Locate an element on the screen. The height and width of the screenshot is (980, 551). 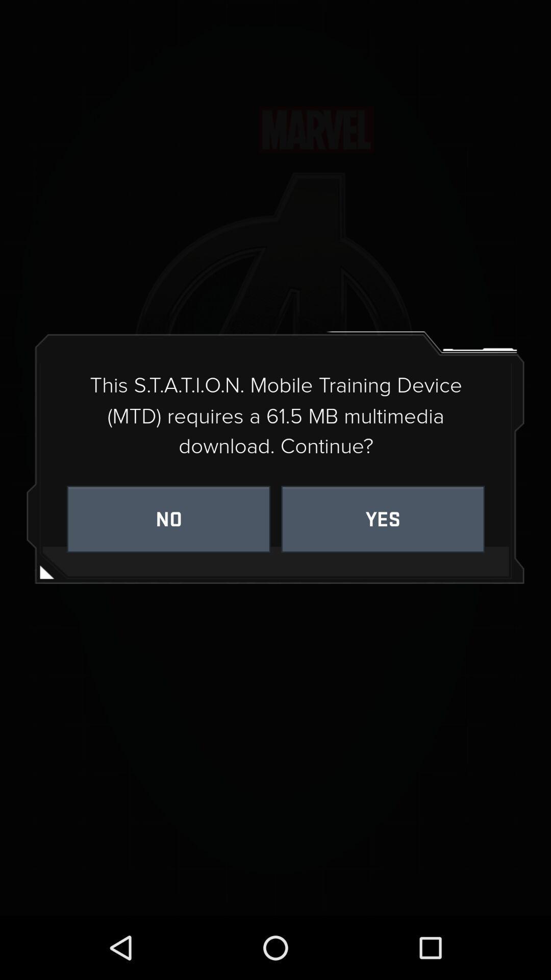
the item next to yes icon is located at coordinates (168, 519).